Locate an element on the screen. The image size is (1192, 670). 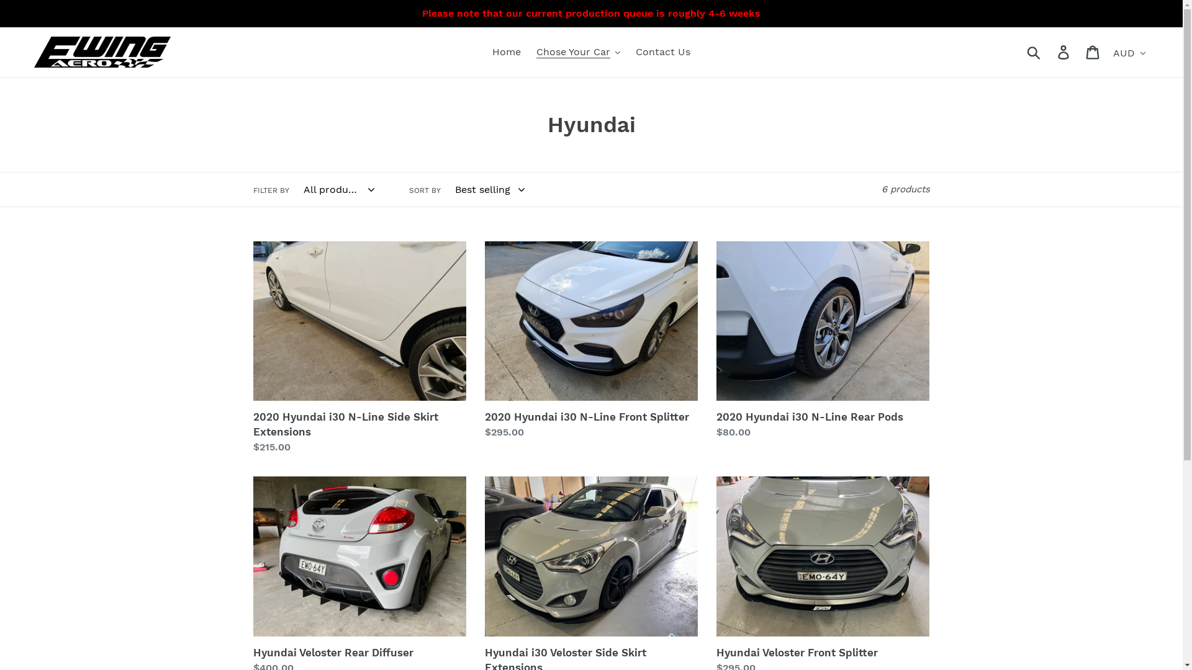
'2020 Hyundai i30 N-Line Rear Pods' is located at coordinates (823, 340).